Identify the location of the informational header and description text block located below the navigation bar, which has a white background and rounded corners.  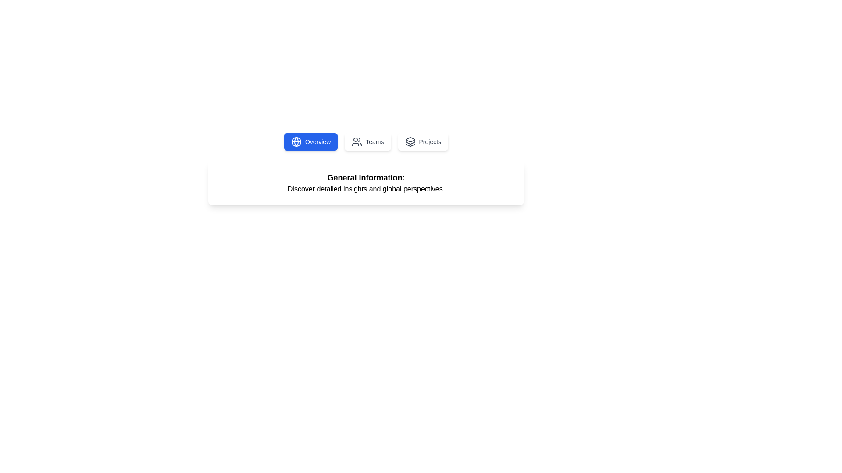
(366, 182).